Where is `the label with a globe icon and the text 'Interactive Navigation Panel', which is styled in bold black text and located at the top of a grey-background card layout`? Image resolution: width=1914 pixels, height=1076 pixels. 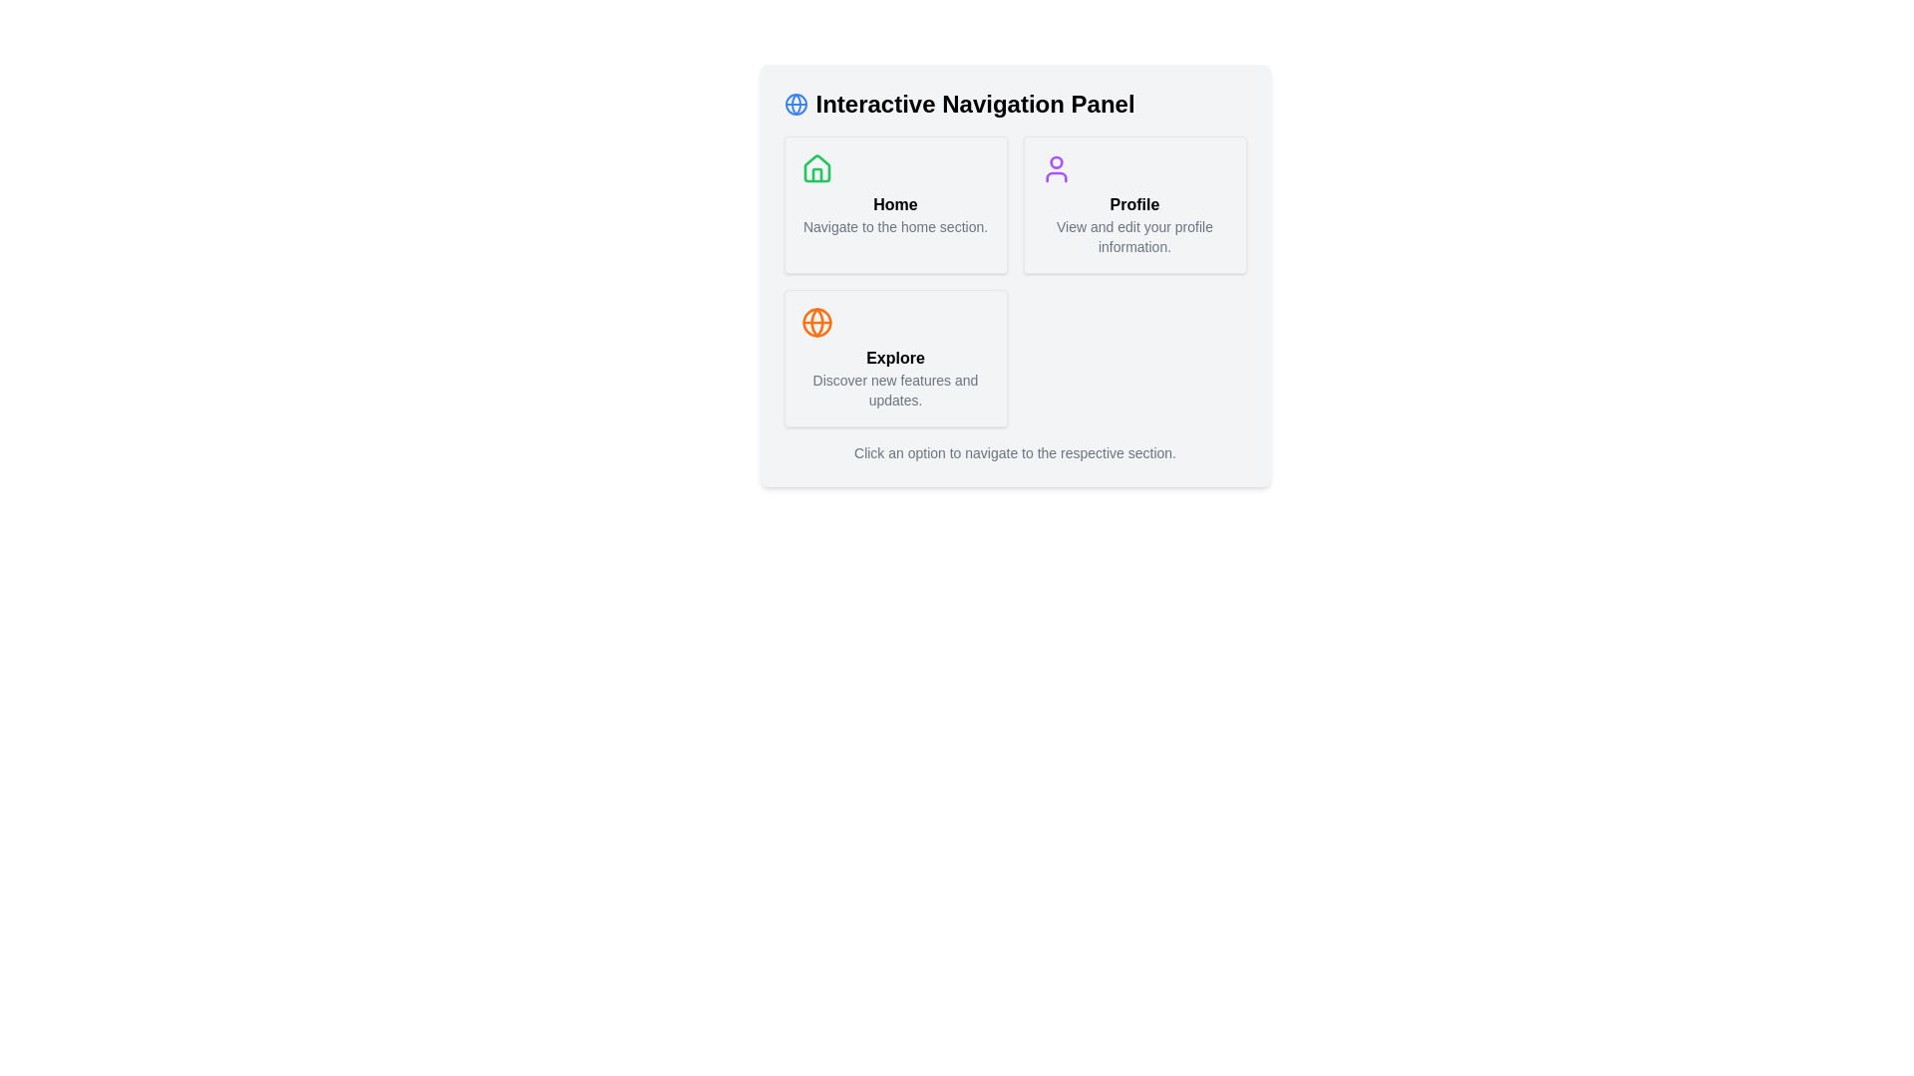
the label with a globe icon and the text 'Interactive Navigation Panel', which is styled in bold black text and located at the top of a grey-background card layout is located at coordinates (1015, 104).